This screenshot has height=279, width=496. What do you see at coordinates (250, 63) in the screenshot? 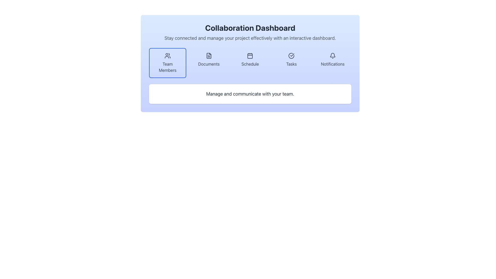
I see `the third element in the horizontal grid of buttons` at bounding box center [250, 63].